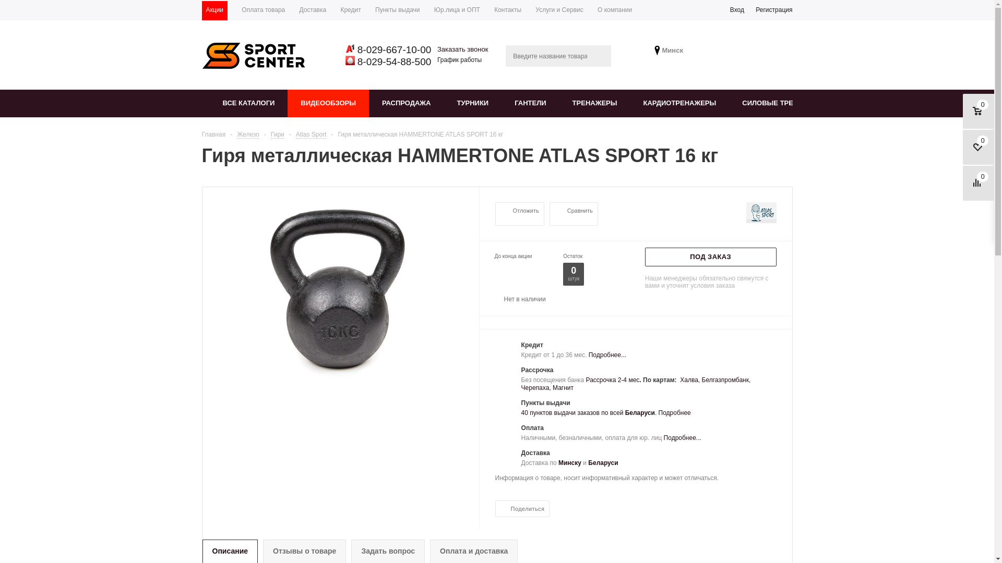 The height and width of the screenshot is (563, 1002). Describe the element at coordinates (392, 50) in the screenshot. I see `'8-029-667-10-00'` at that location.